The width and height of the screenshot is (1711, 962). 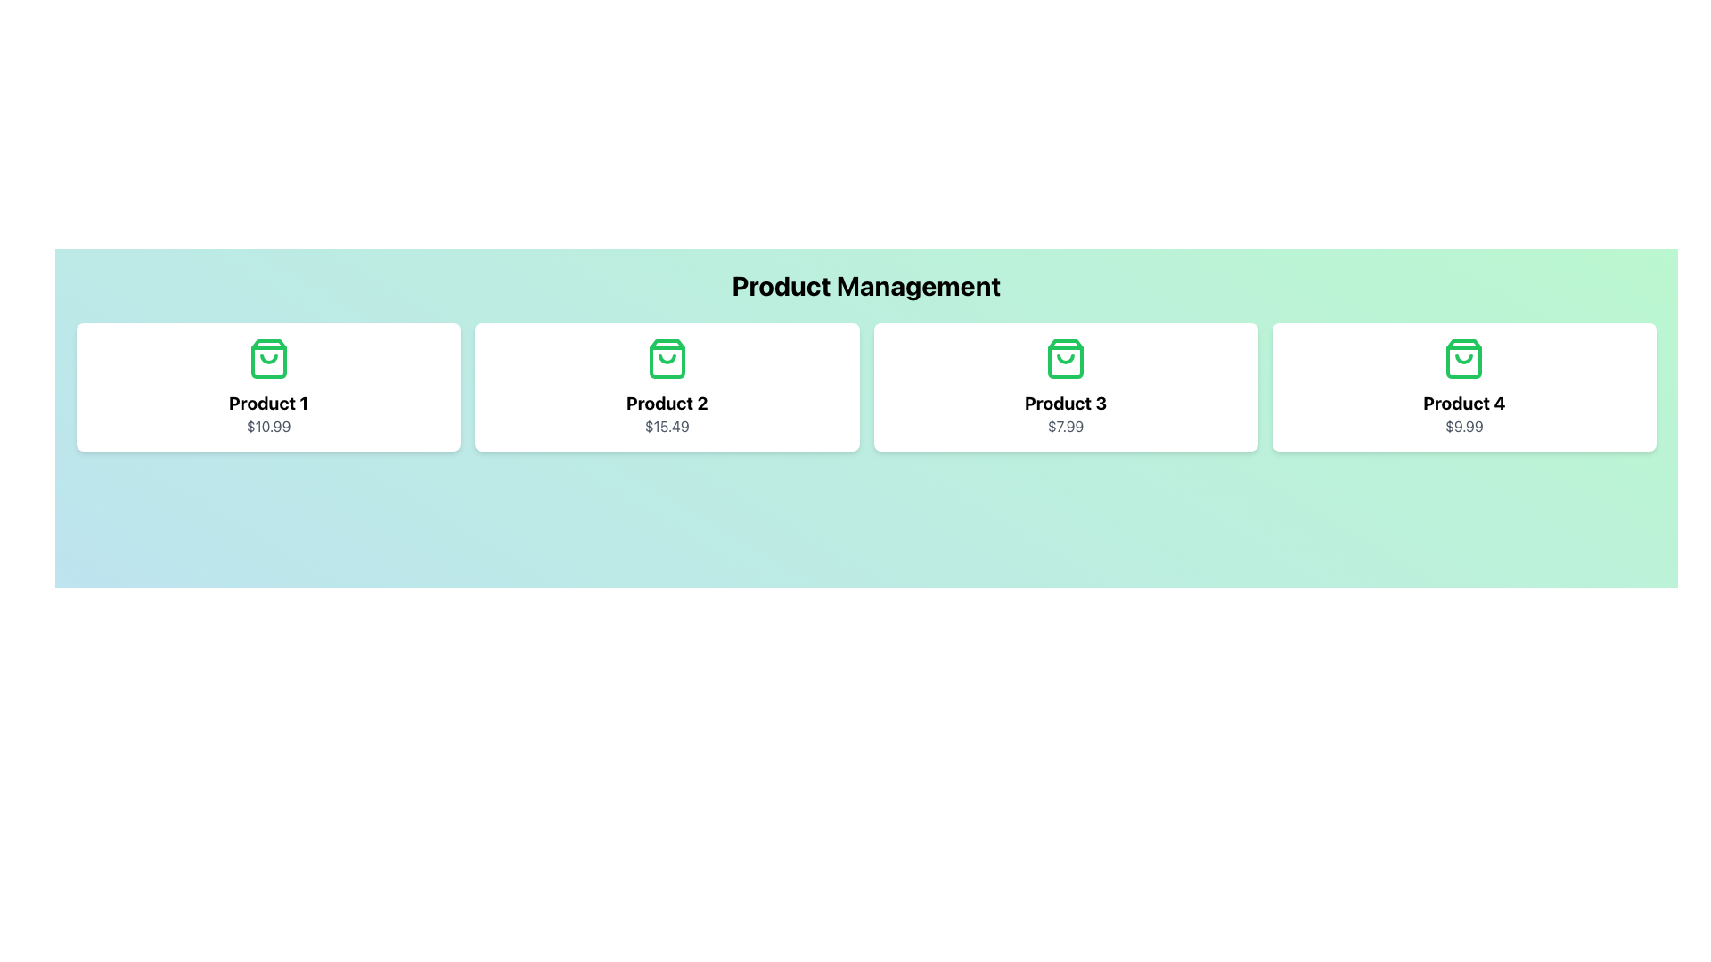 I want to click on the SVG graphic portion of the shopping bag icon located in the third card under the 'Product Management' header, so click(x=1066, y=358).